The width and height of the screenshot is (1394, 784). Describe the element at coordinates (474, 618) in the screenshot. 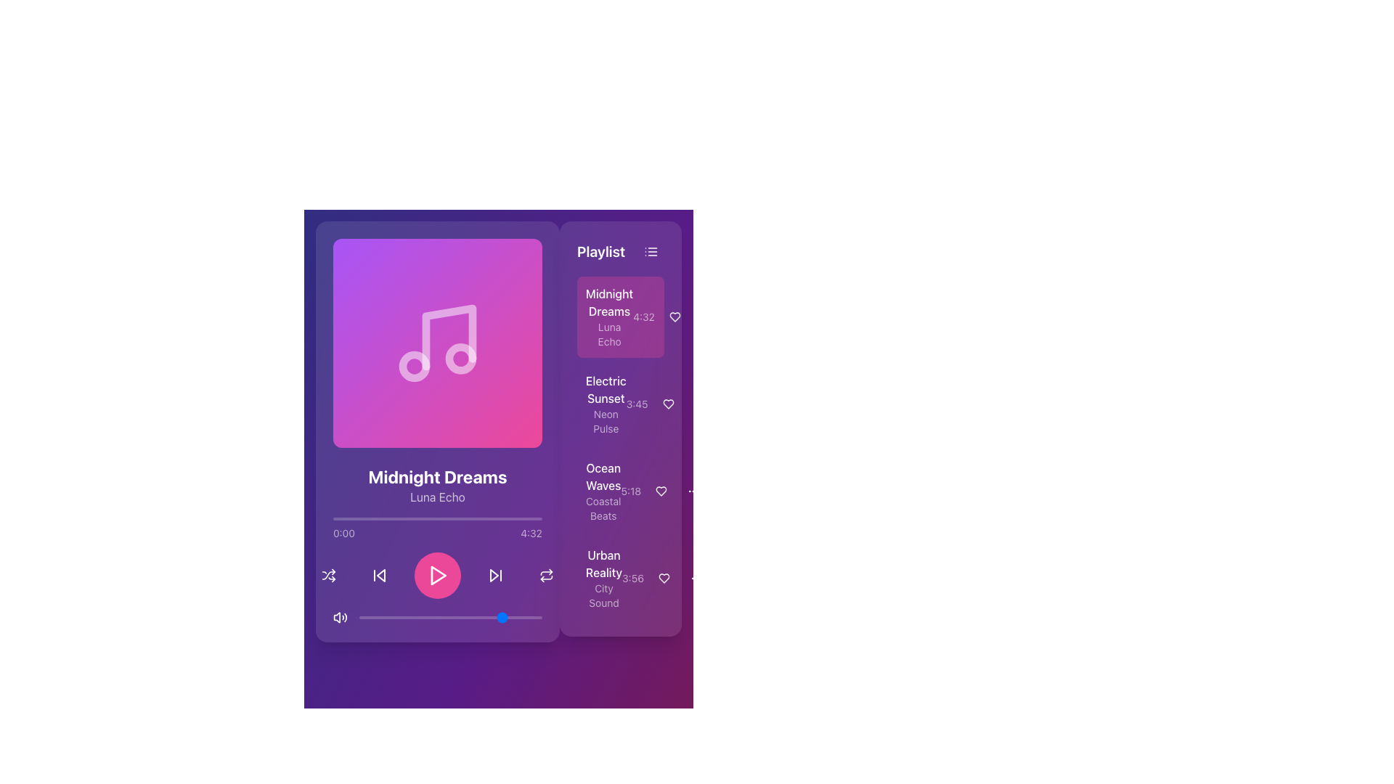

I see `the slider` at that location.